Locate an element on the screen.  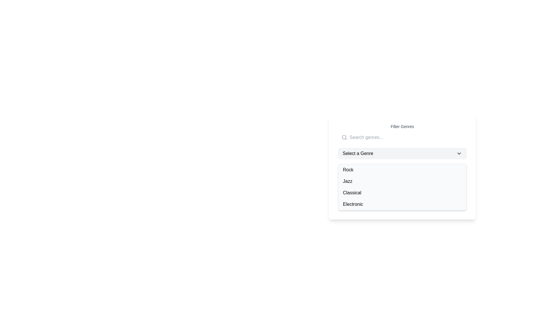
the magnifying glass icon located to the far left of the input field is located at coordinates (344, 137).